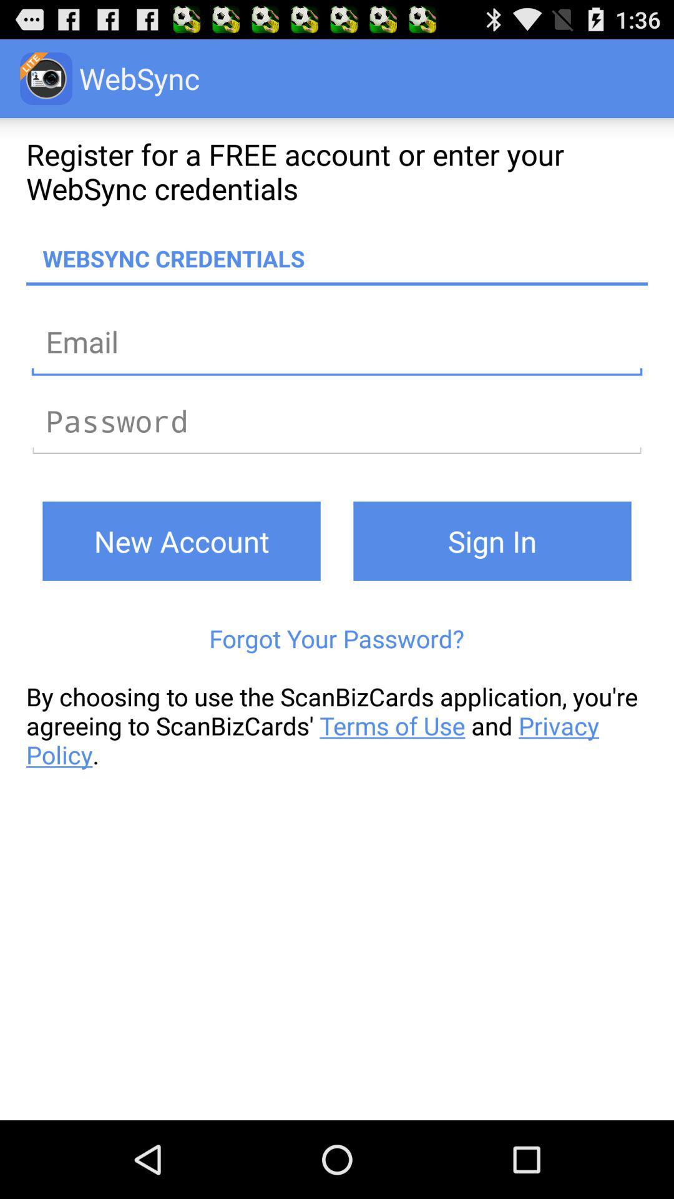 This screenshot has width=674, height=1199. What do you see at coordinates (336, 638) in the screenshot?
I see `the forgot your password? icon` at bounding box center [336, 638].